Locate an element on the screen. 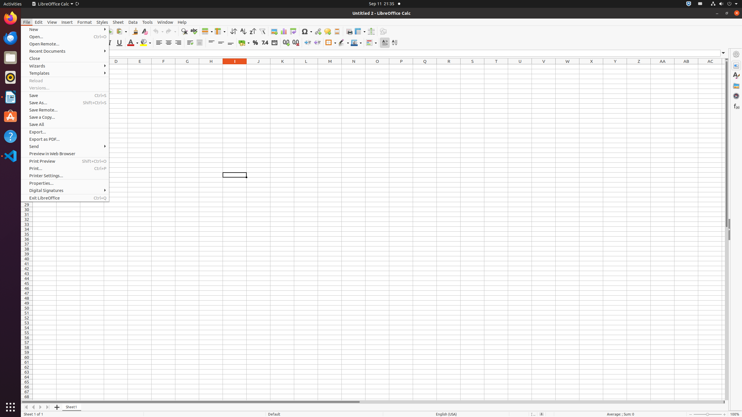  'Freeze Rows and Columns' is located at coordinates (360, 31).